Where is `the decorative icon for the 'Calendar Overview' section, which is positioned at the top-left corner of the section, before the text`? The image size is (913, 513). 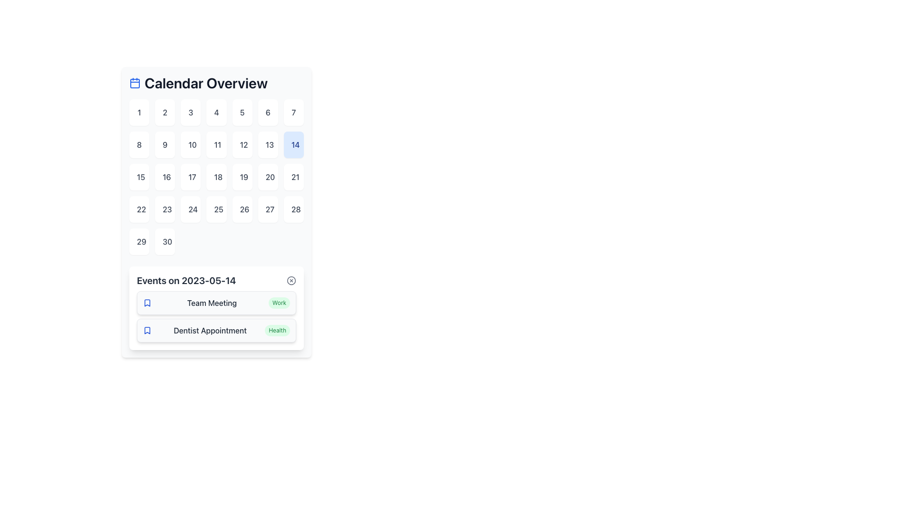
the decorative icon for the 'Calendar Overview' section, which is positioned at the top-left corner of the section, before the text is located at coordinates (134, 82).